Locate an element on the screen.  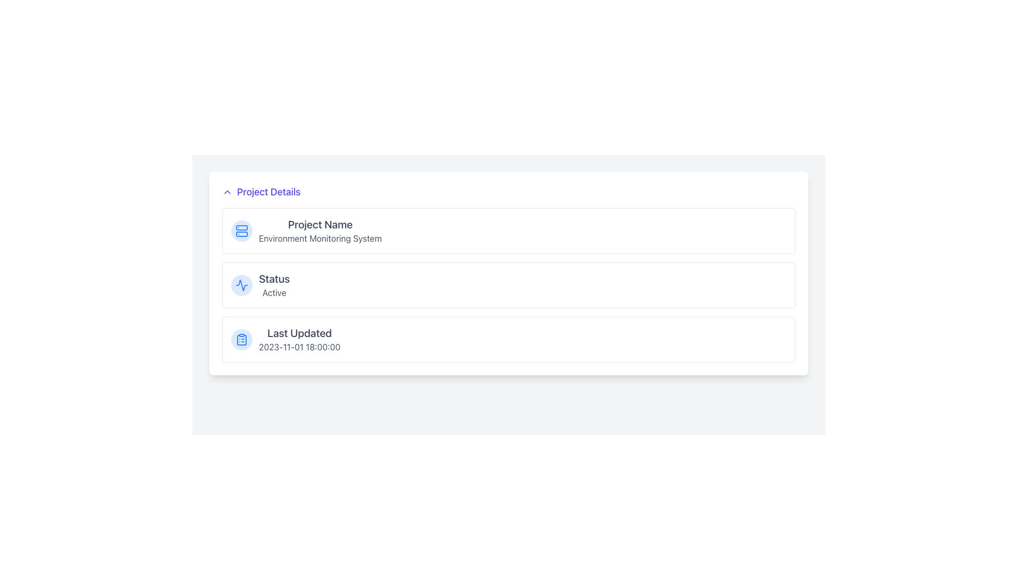
the text label displaying 'Last Updated', which is styled in dark gray and positioned above a timestamp in the Project Details section of the card layout is located at coordinates (299, 332).